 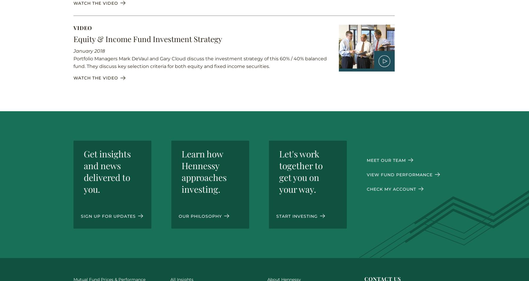 I want to click on 'Our Philosophy', so click(x=200, y=216).